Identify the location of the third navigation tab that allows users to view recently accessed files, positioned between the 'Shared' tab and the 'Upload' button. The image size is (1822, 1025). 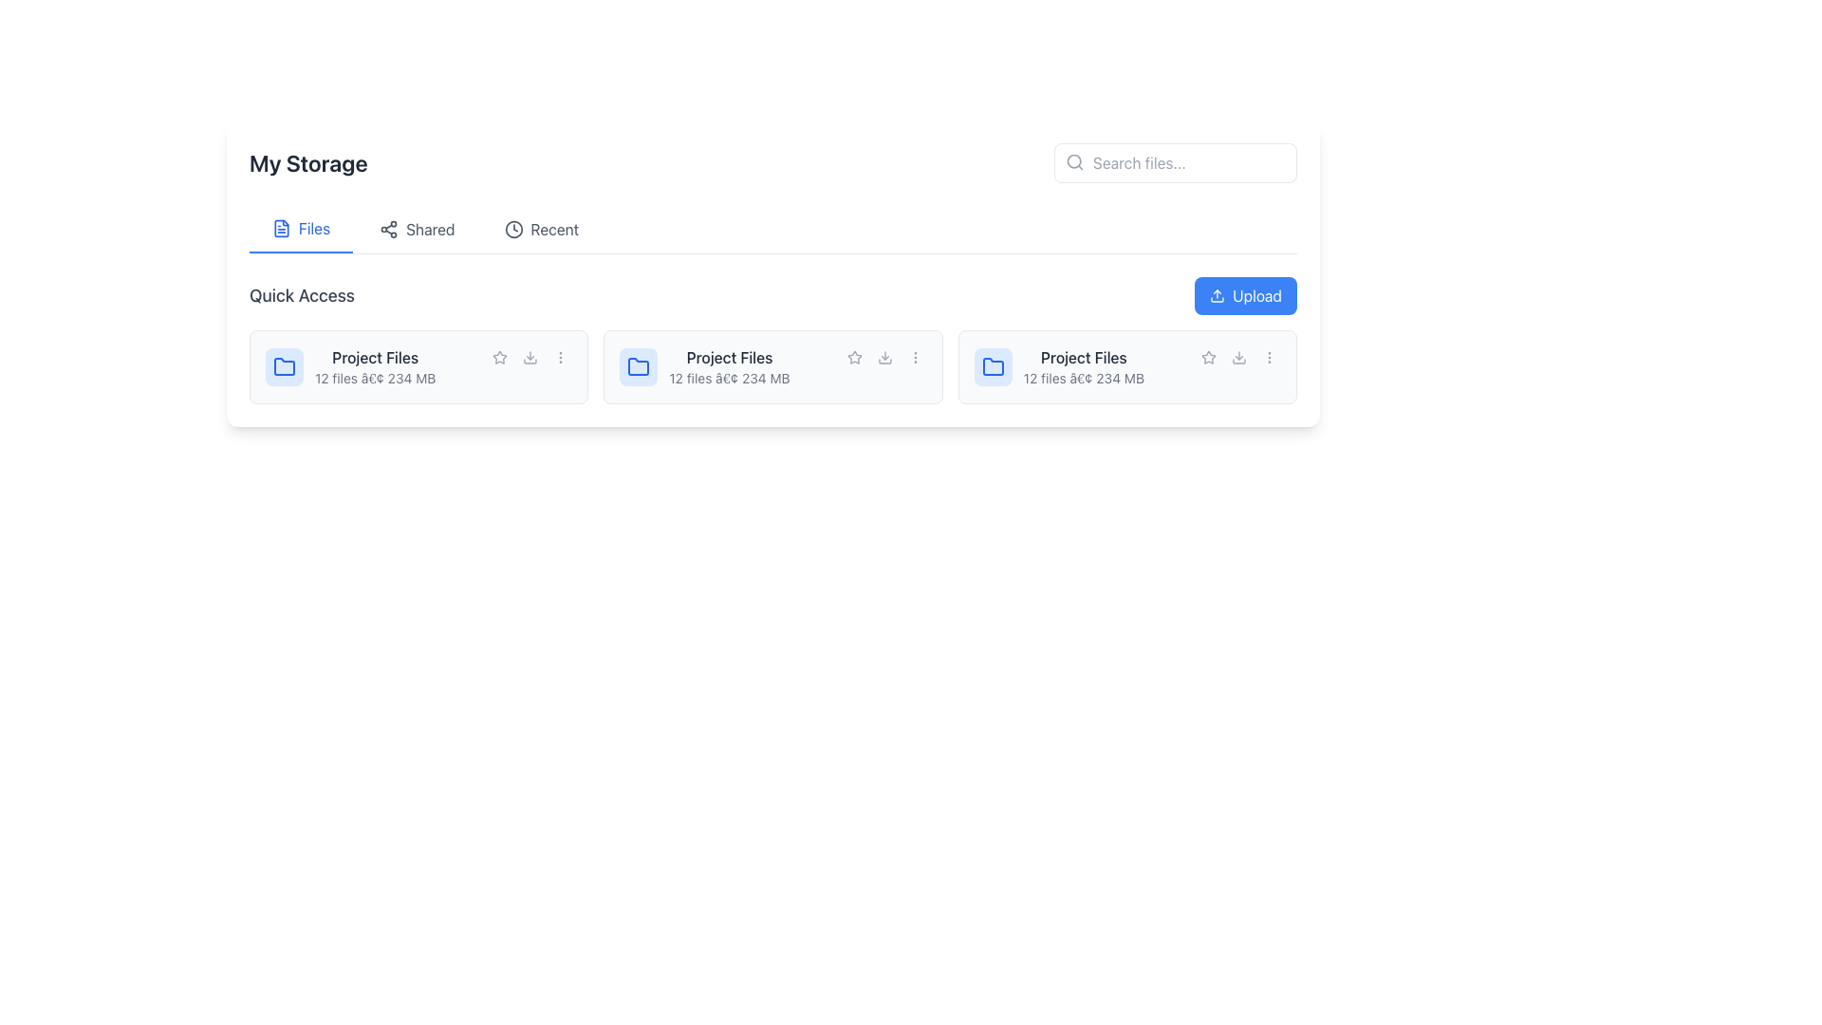
(540, 229).